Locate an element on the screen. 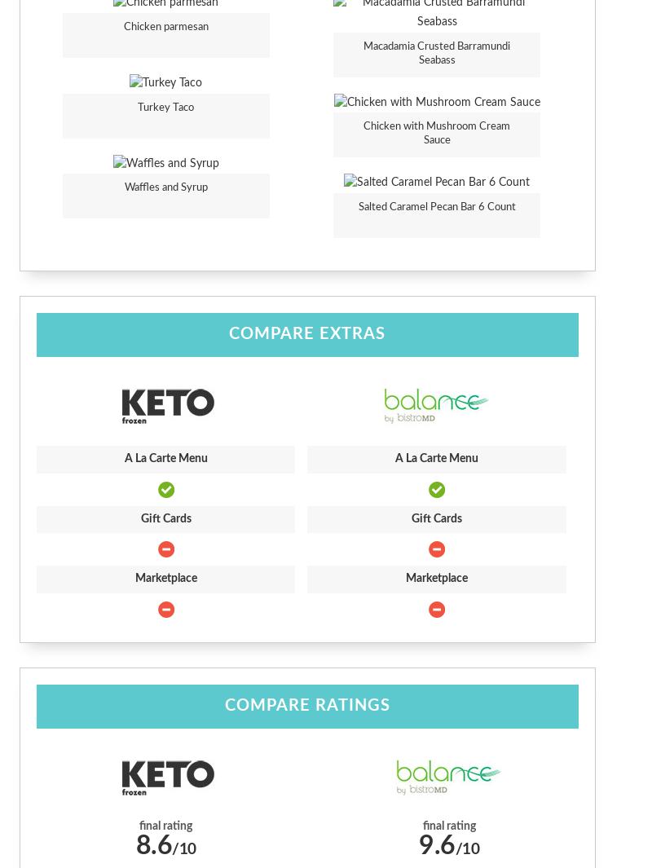  '9.6' is located at coordinates (437, 844).